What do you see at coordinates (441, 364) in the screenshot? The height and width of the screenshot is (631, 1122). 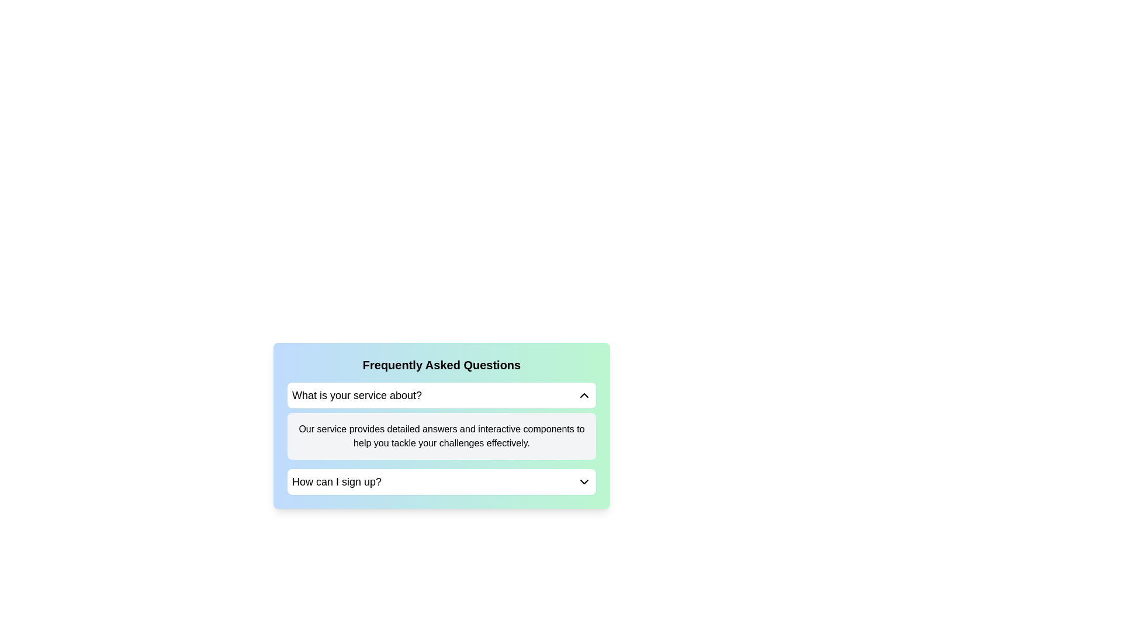 I see `the prominently styled header text element containing 'Frequently Asked Questions', which is located at the top of a gradient background box transitioning from blue to green` at bounding box center [441, 364].